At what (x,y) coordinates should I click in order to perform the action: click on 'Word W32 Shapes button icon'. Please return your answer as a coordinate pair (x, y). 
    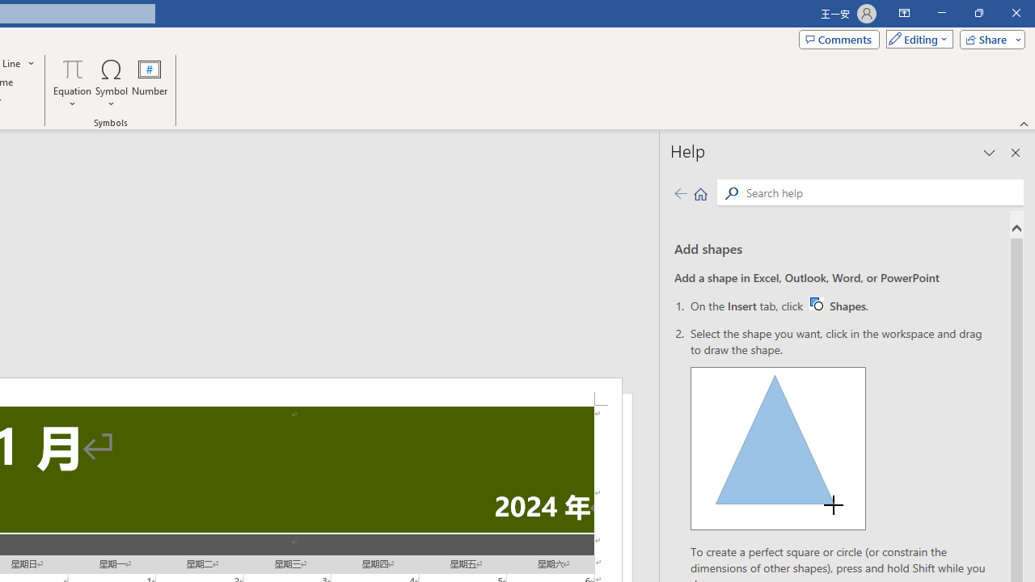
    Looking at the image, I should click on (816, 303).